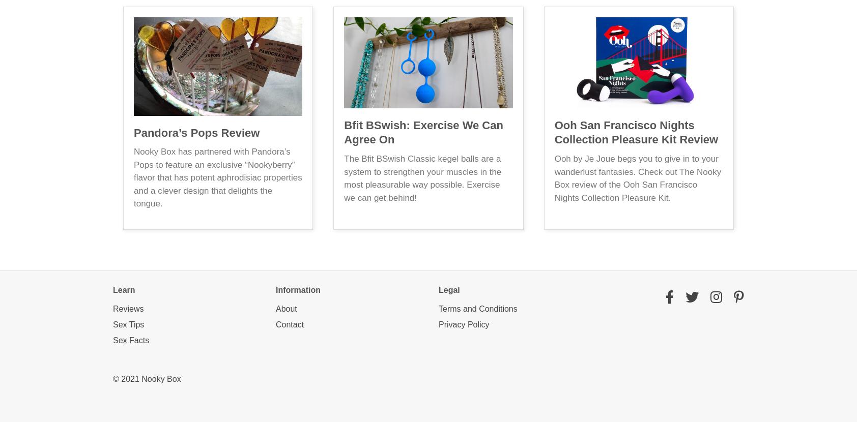  I want to click on 'Ooh San Francisco Nights Collection Pleasure Kit Review', so click(636, 132).